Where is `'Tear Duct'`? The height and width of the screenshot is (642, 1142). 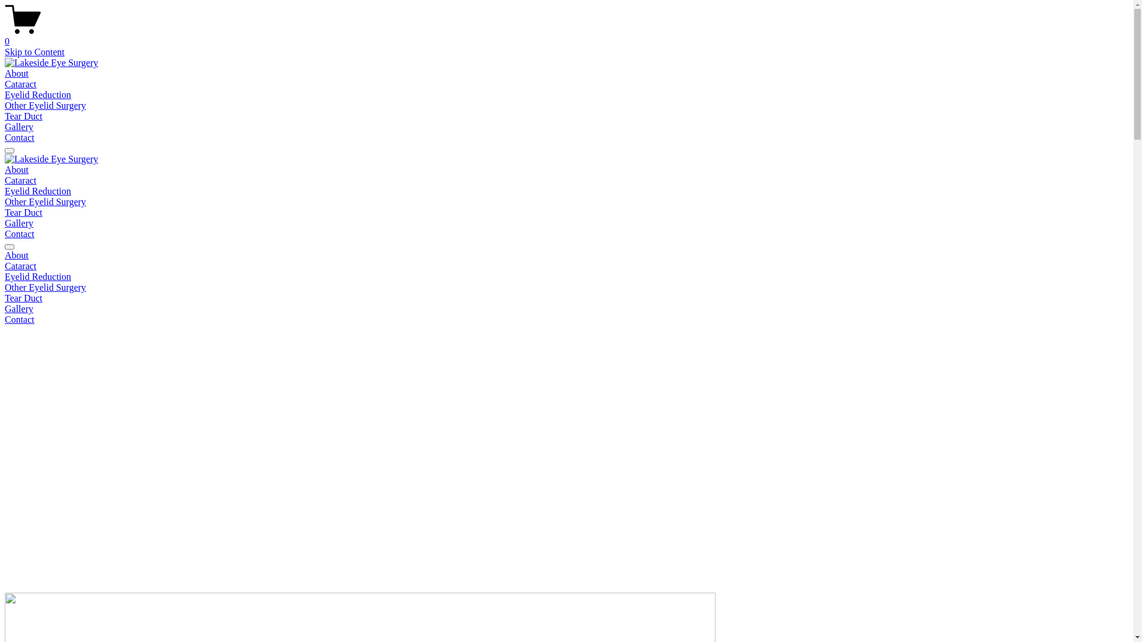
'Tear Duct' is located at coordinates (566, 297).